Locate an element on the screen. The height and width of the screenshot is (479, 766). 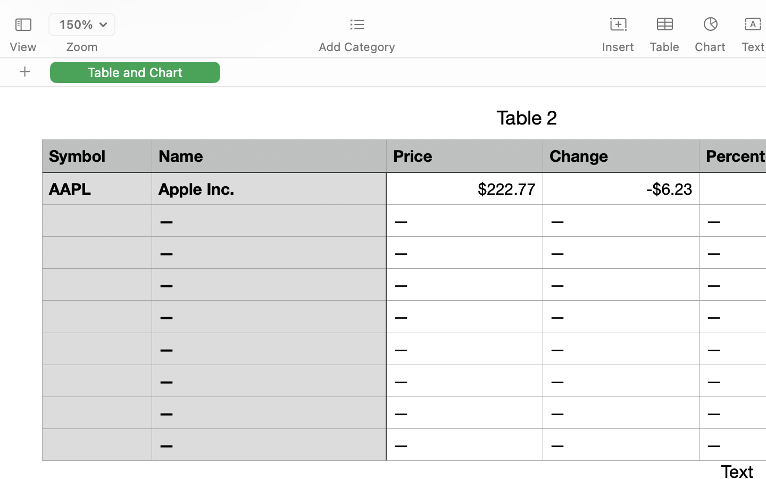
'Zoom' is located at coordinates (81, 46).